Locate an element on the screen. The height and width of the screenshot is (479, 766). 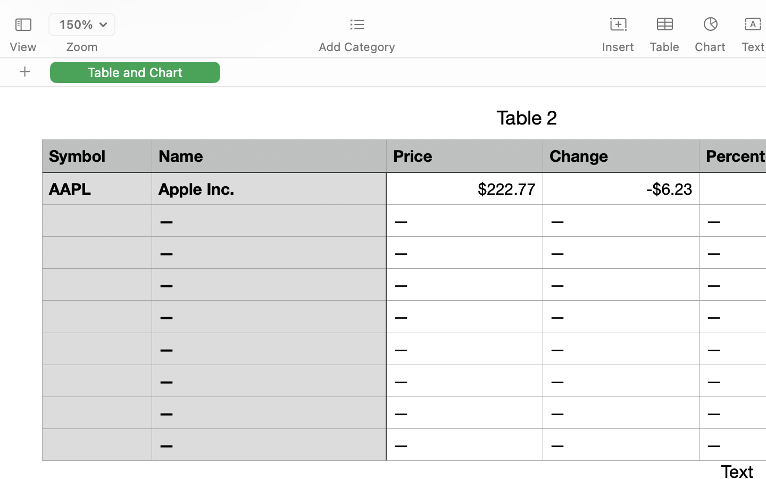
'Zoom' is located at coordinates (81, 46).